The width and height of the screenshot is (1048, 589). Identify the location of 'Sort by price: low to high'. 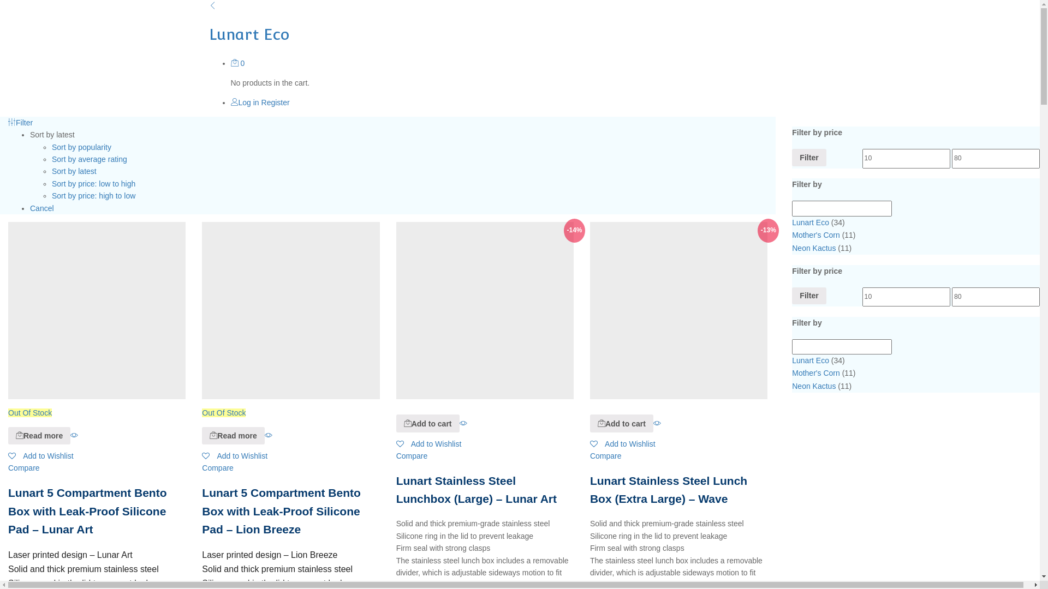
(93, 183).